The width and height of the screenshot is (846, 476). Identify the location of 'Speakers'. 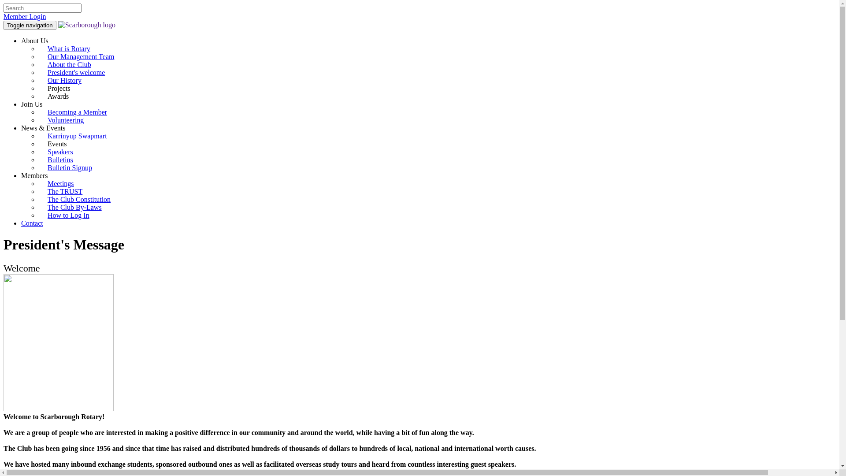
(60, 151).